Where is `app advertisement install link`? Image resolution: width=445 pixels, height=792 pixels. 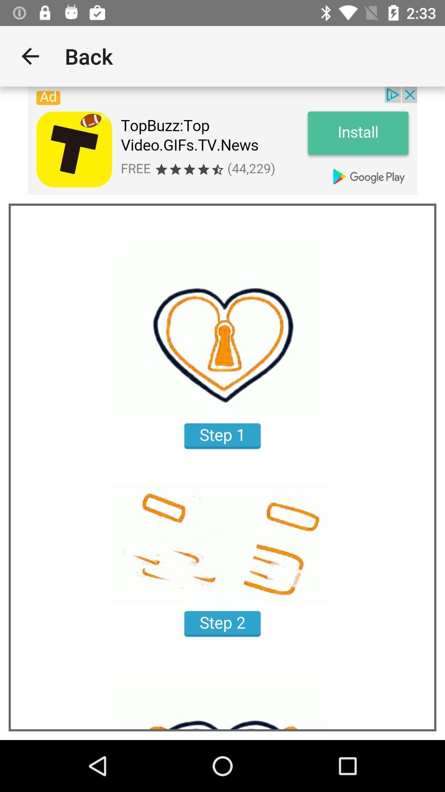
app advertisement install link is located at coordinates (222, 141).